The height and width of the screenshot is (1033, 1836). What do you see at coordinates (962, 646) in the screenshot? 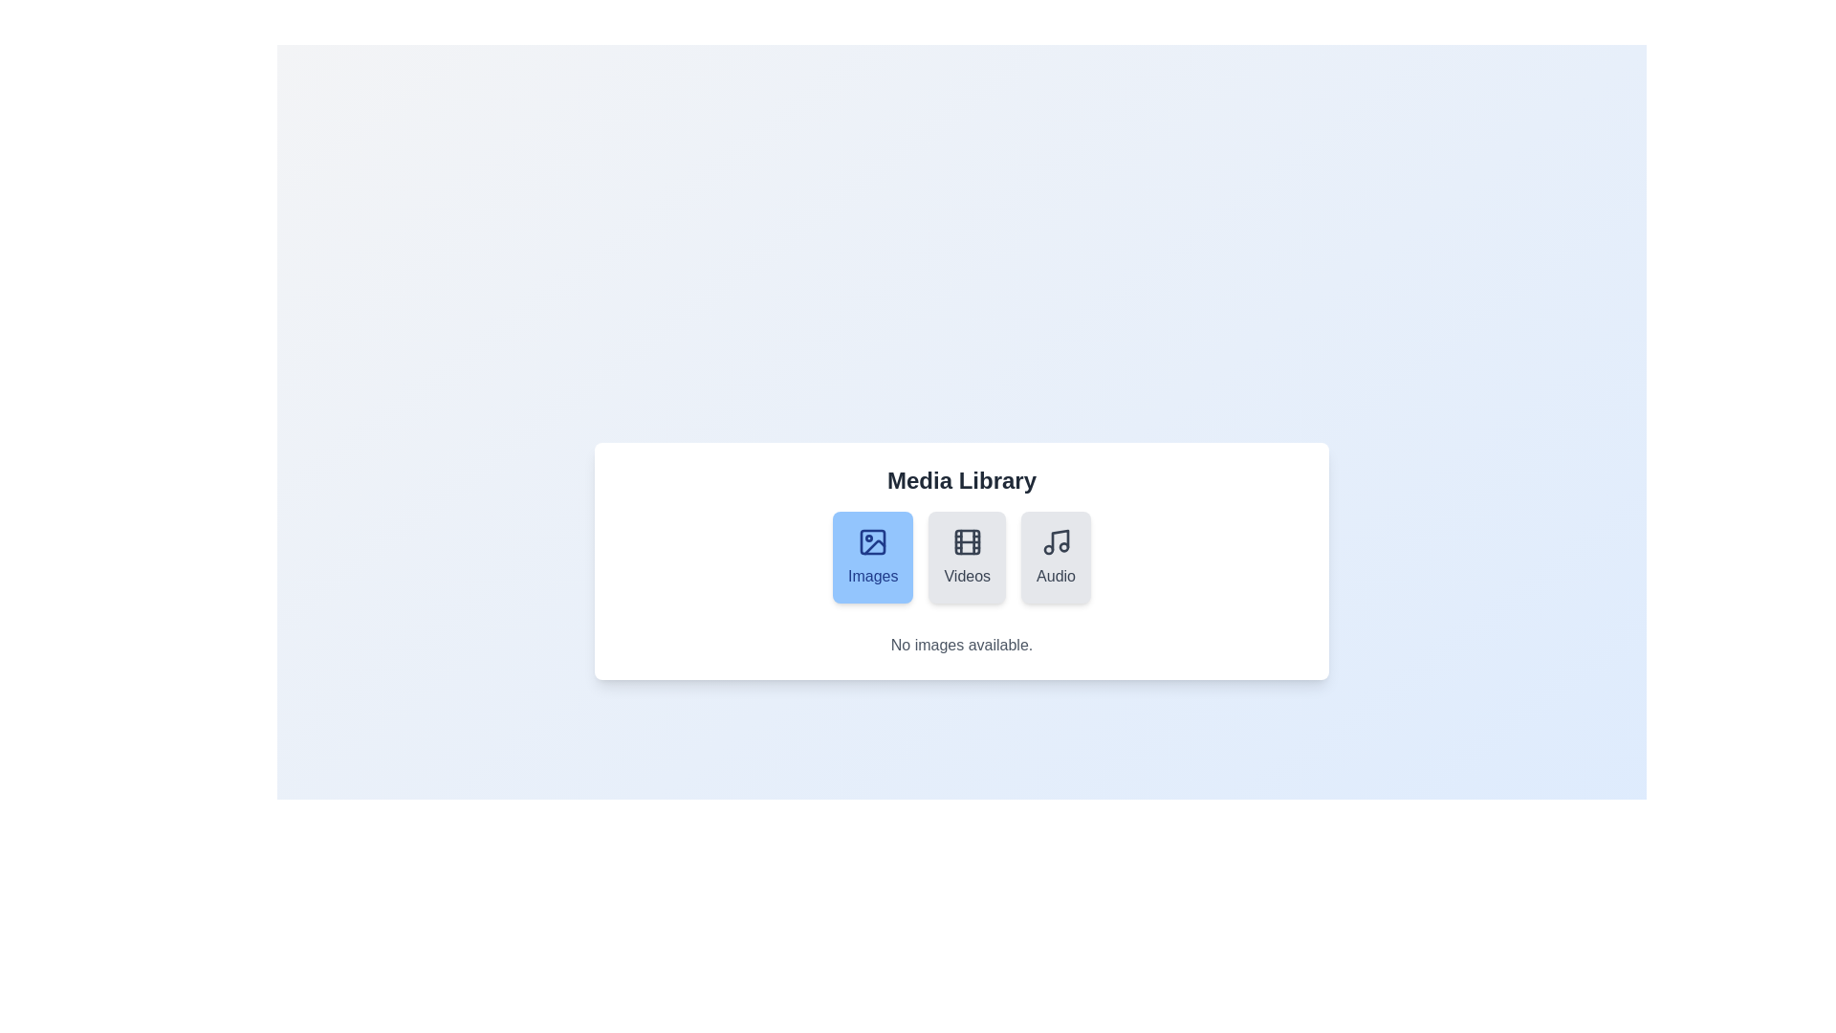
I see `the area where the text 'No images available.' is displayed and read it` at bounding box center [962, 646].